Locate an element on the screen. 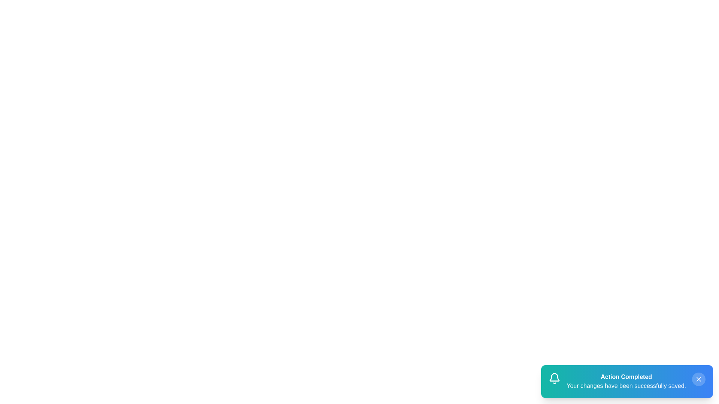  close button to dismiss the notification is located at coordinates (698, 379).